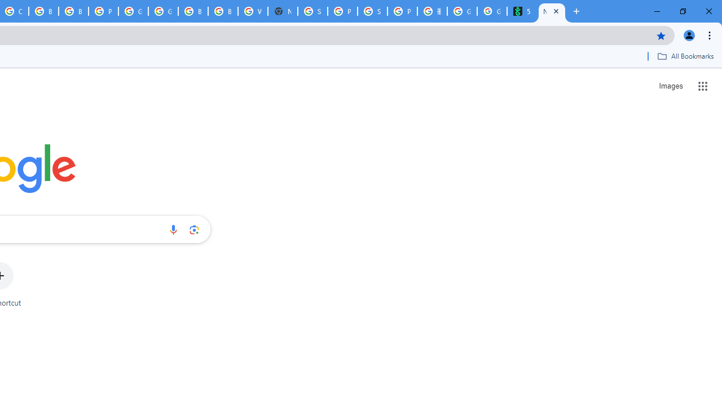  What do you see at coordinates (312, 11) in the screenshot?
I see `'Sign in - Google Accounts'` at bounding box center [312, 11].